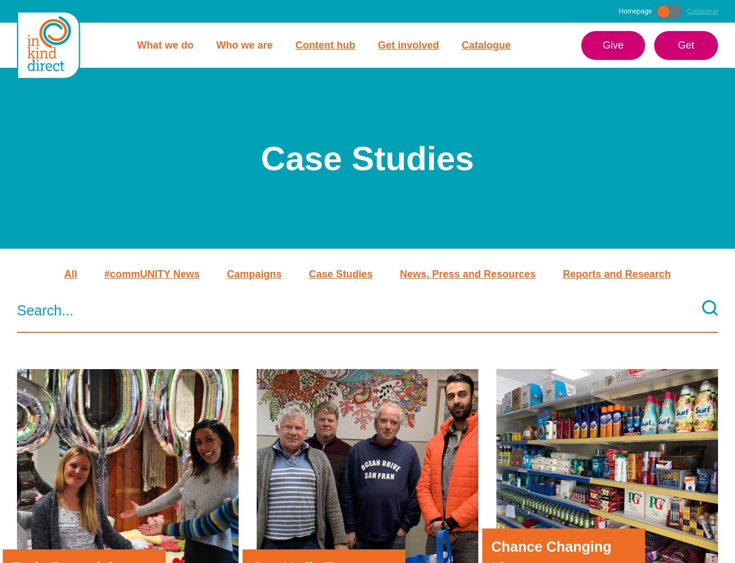  What do you see at coordinates (121, 98) in the screenshot?
I see `'The Hygiene Bank (THB) in Moira, Northern Ireland, part of the national network of Hygiene Banks, distributes essential personal care items to local people struggling financially.'` at bounding box center [121, 98].